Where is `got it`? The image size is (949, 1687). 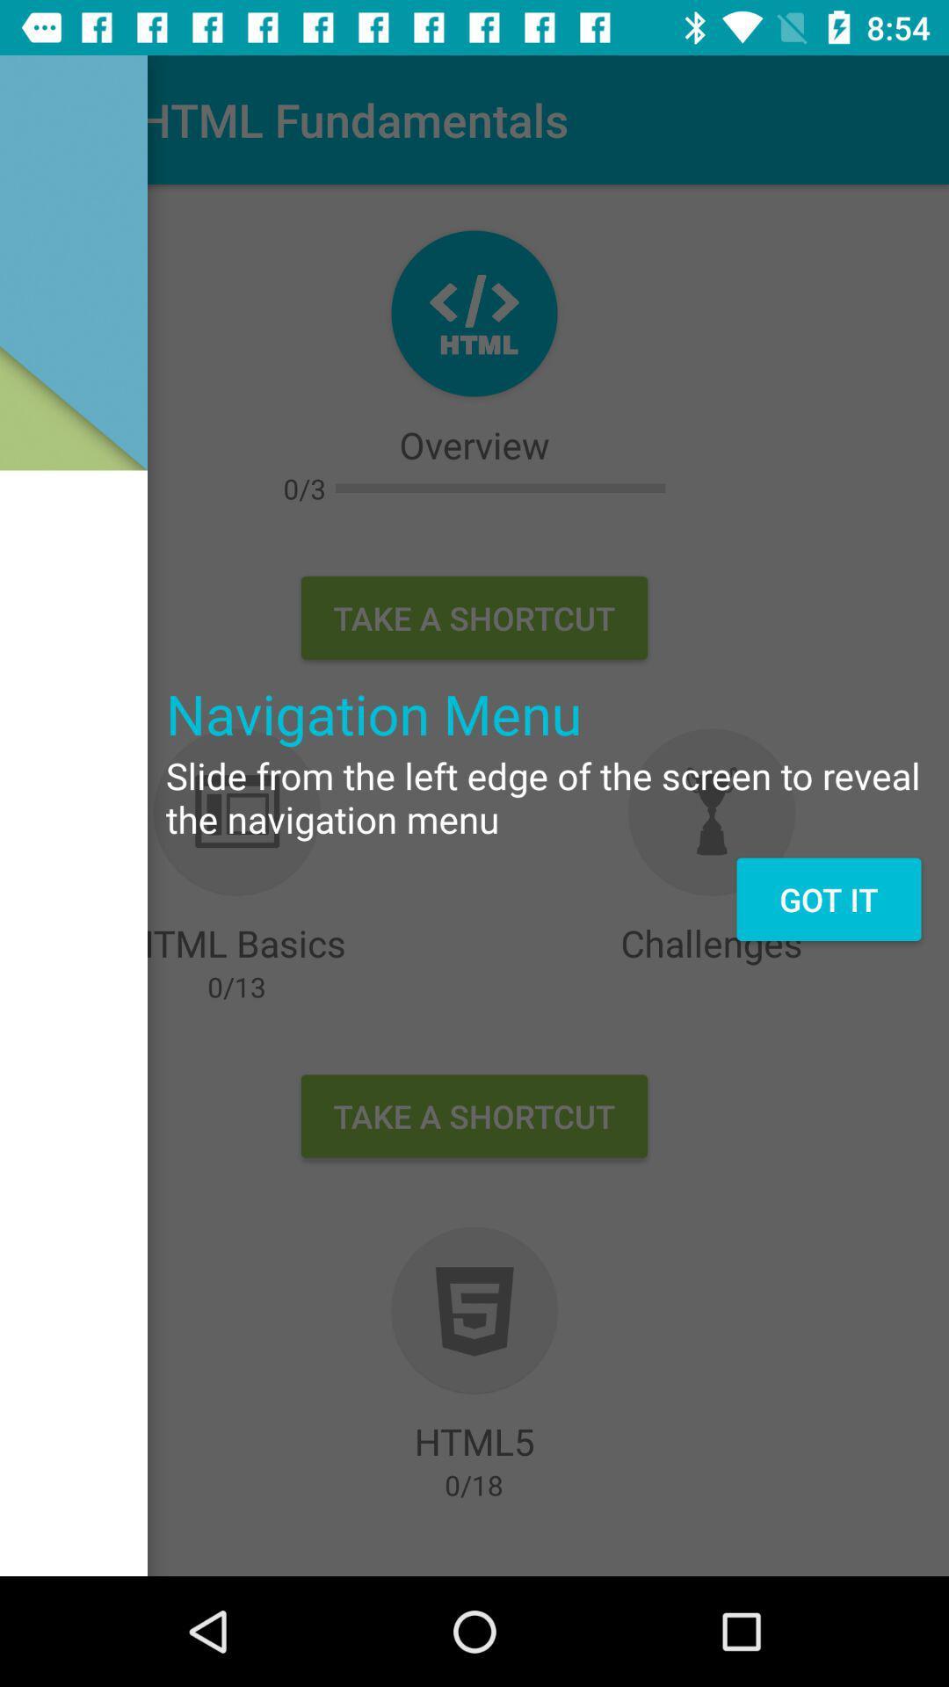
got it is located at coordinates (829, 899).